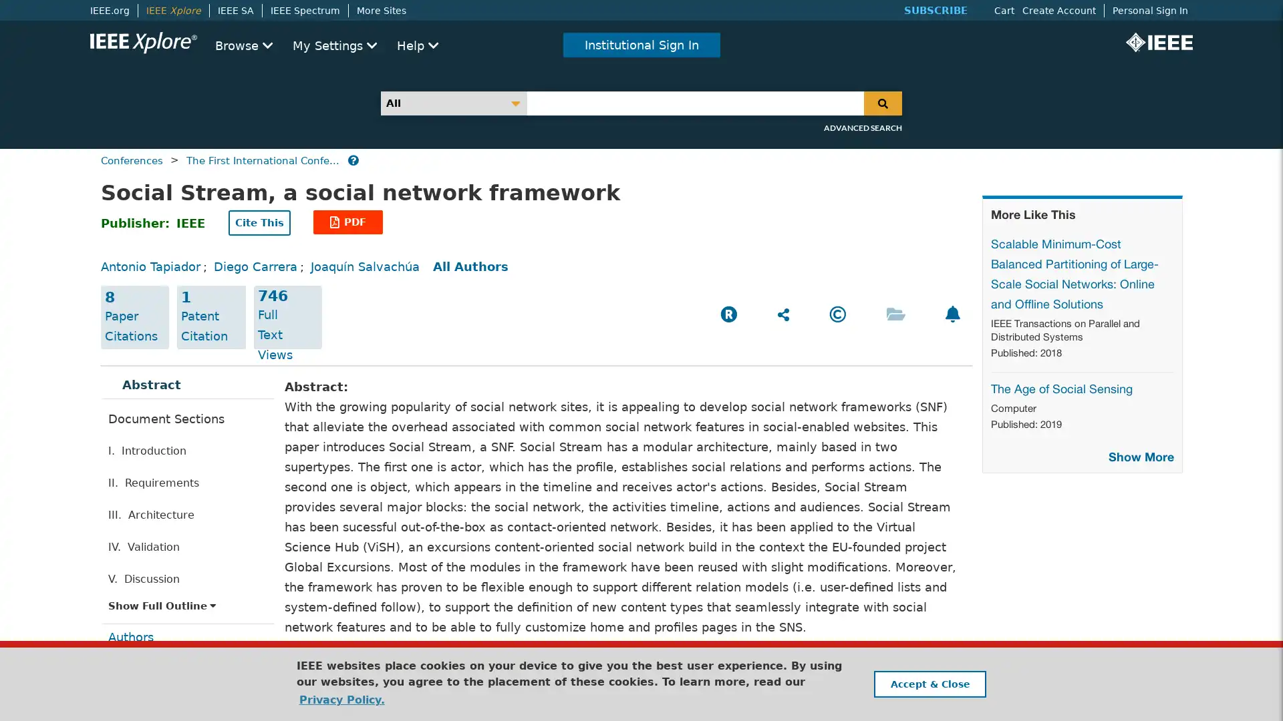 The height and width of the screenshot is (721, 1283). Describe the element at coordinates (287, 317) in the screenshot. I see `746 Full Text Views` at that location.